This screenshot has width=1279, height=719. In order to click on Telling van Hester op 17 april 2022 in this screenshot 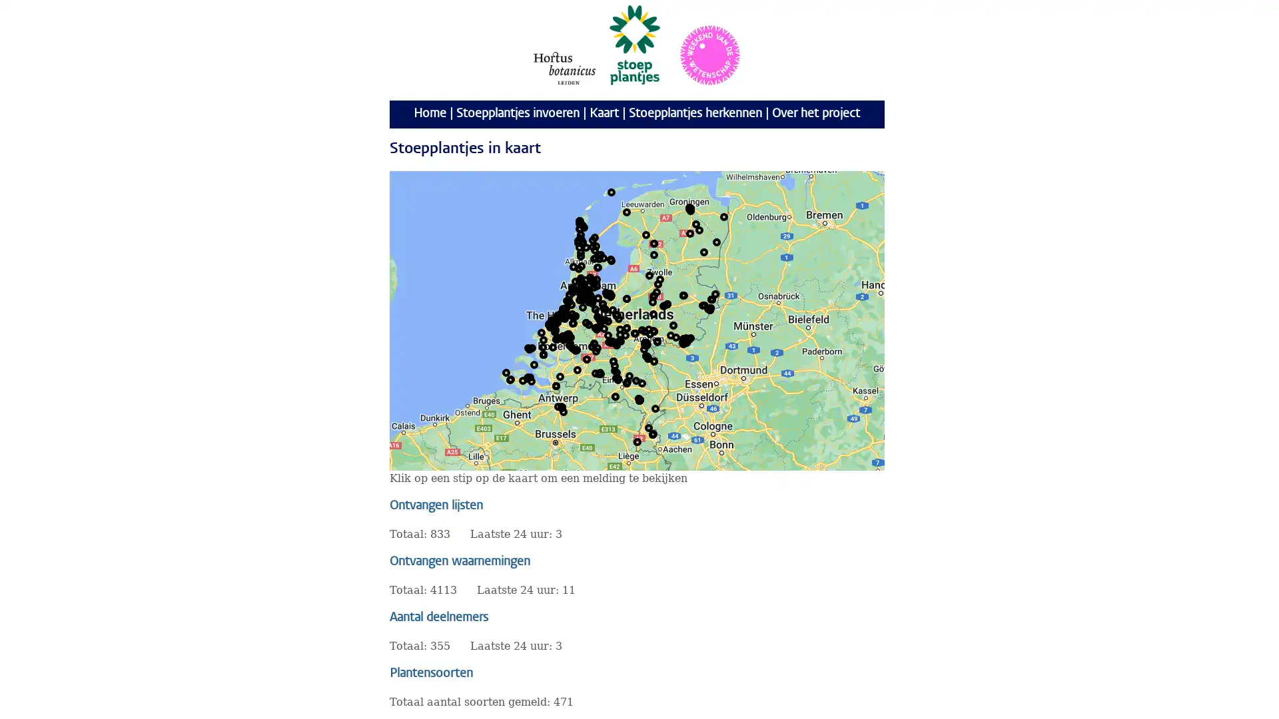, I will do `click(597, 267)`.